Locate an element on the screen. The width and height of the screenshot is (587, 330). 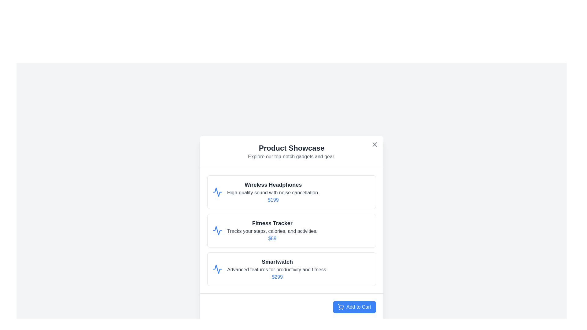
price displayed for the 'Smartwatch' product, located below the product description in the third product card of the 'Product Showcase' section is located at coordinates (277, 277).